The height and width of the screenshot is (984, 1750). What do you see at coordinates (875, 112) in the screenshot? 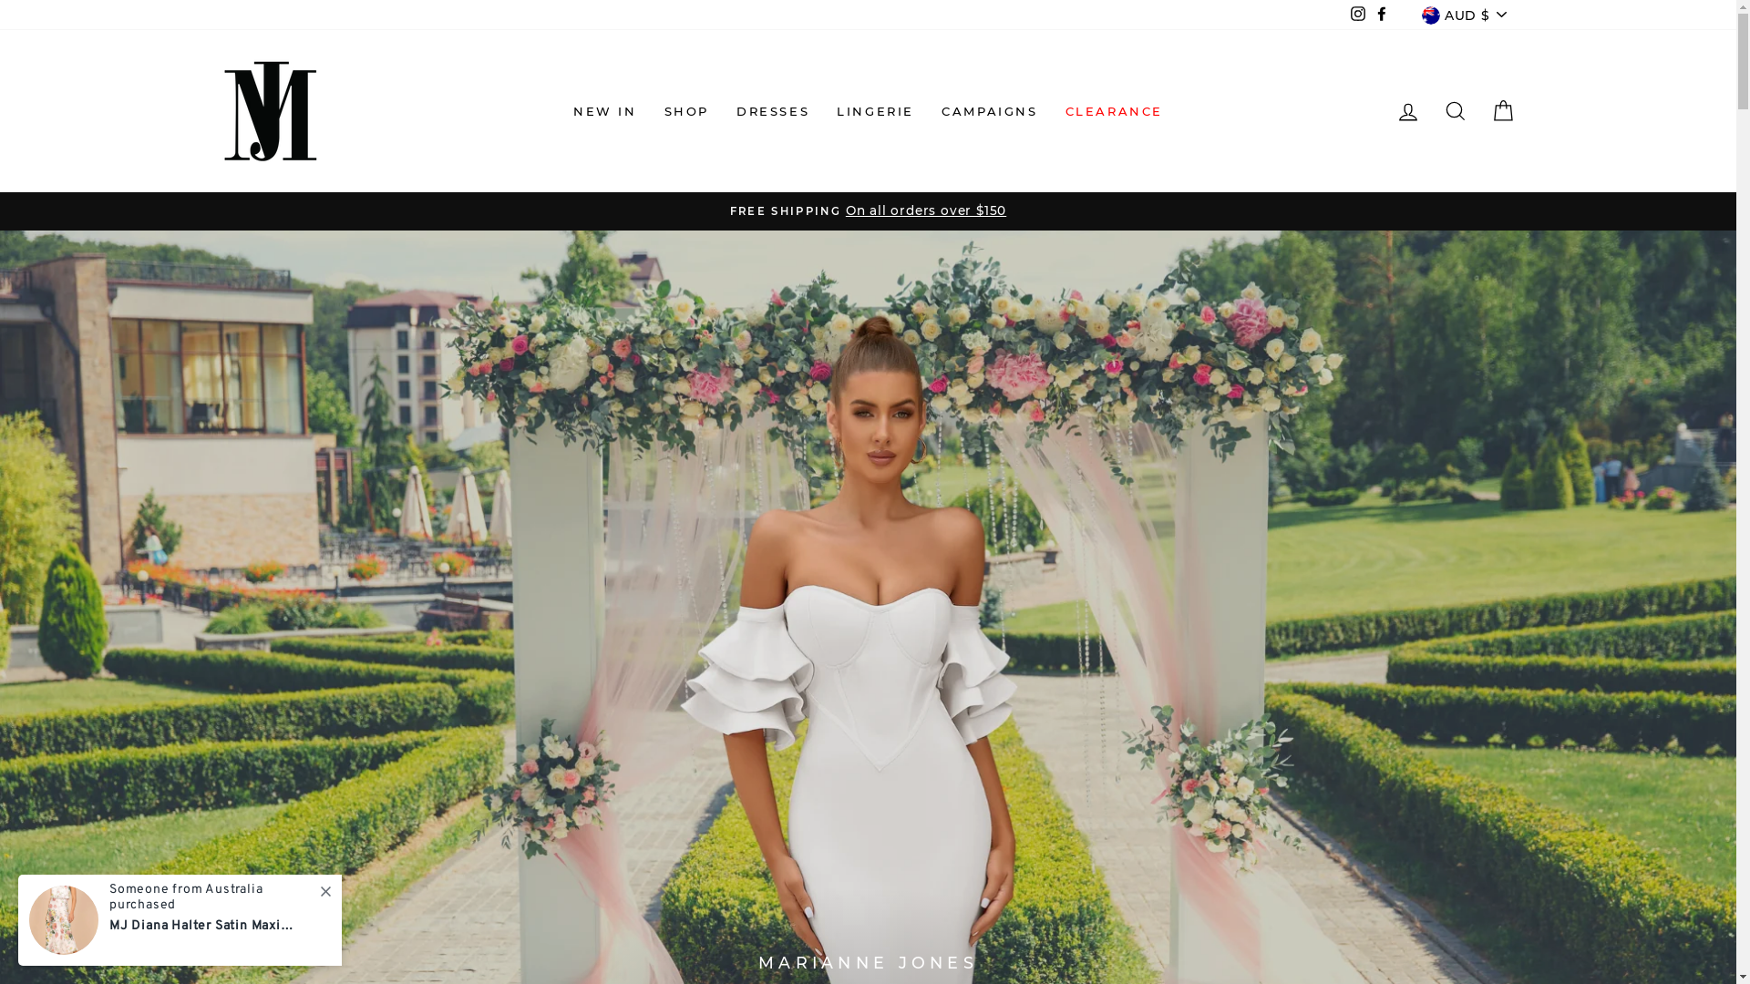
I see `'LINGERIE'` at bounding box center [875, 112].